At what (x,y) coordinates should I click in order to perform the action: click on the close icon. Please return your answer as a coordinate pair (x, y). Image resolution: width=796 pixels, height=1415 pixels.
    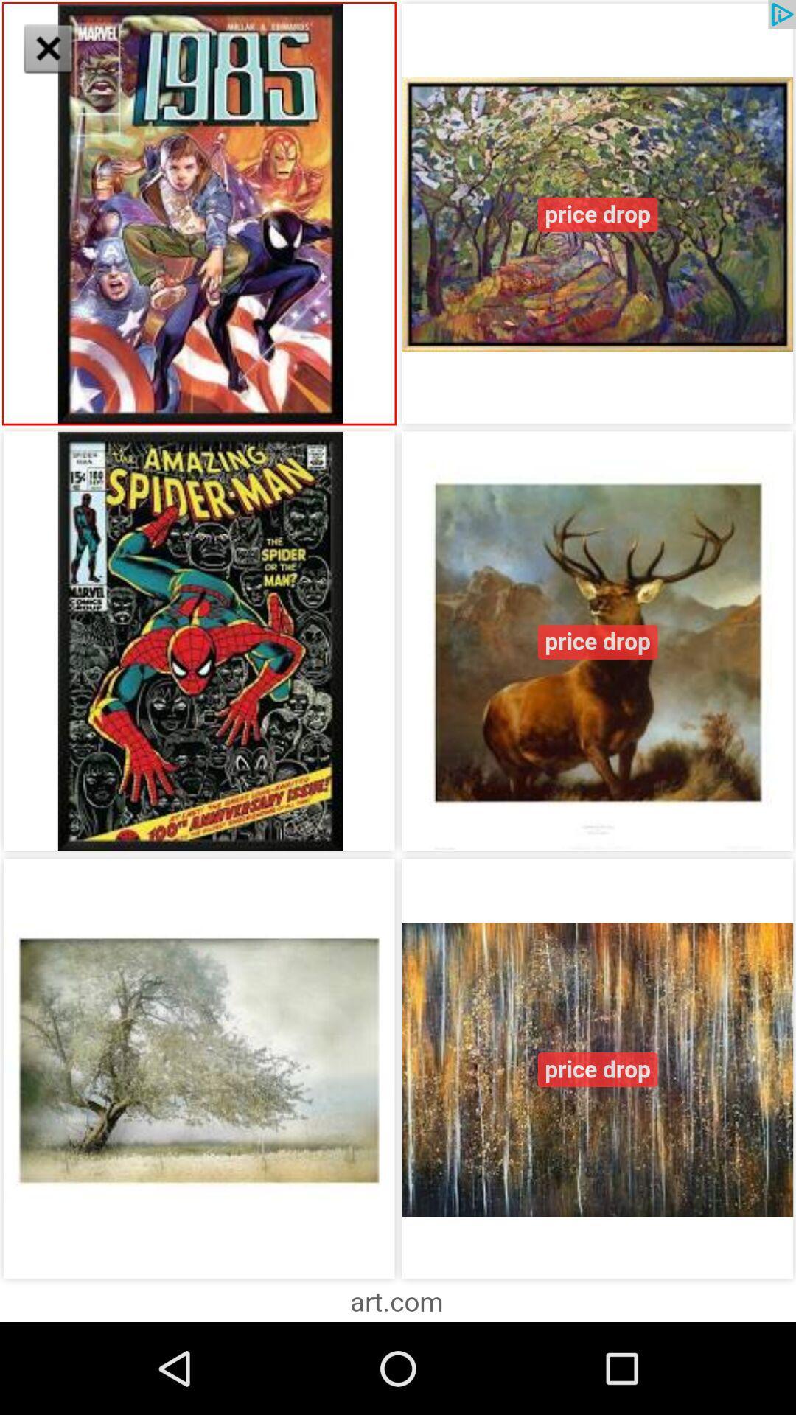
    Looking at the image, I should click on (47, 52).